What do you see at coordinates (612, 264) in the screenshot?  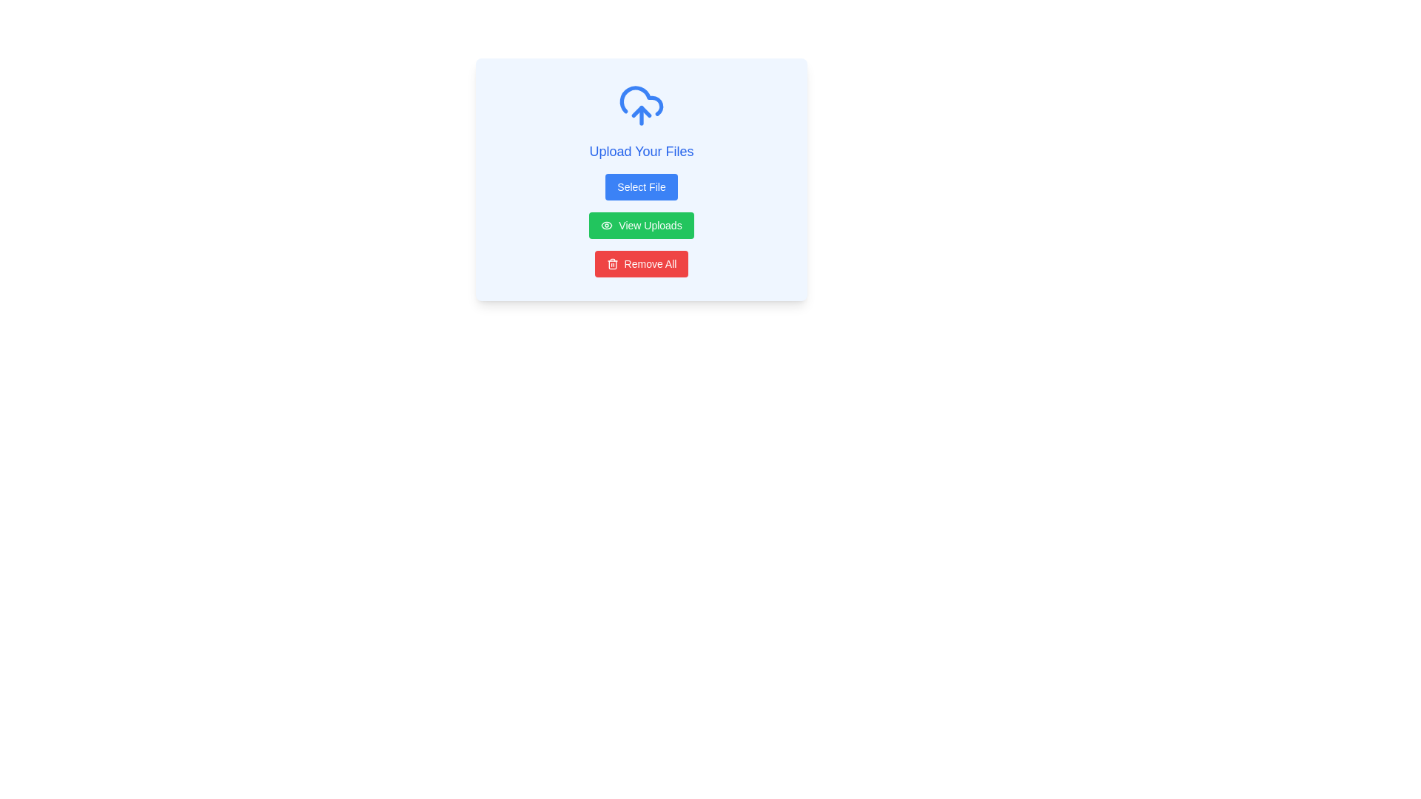 I see `the trash can icon located within the red 'Remove All' button at the bottom of the central card` at bounding box center [612, 264].